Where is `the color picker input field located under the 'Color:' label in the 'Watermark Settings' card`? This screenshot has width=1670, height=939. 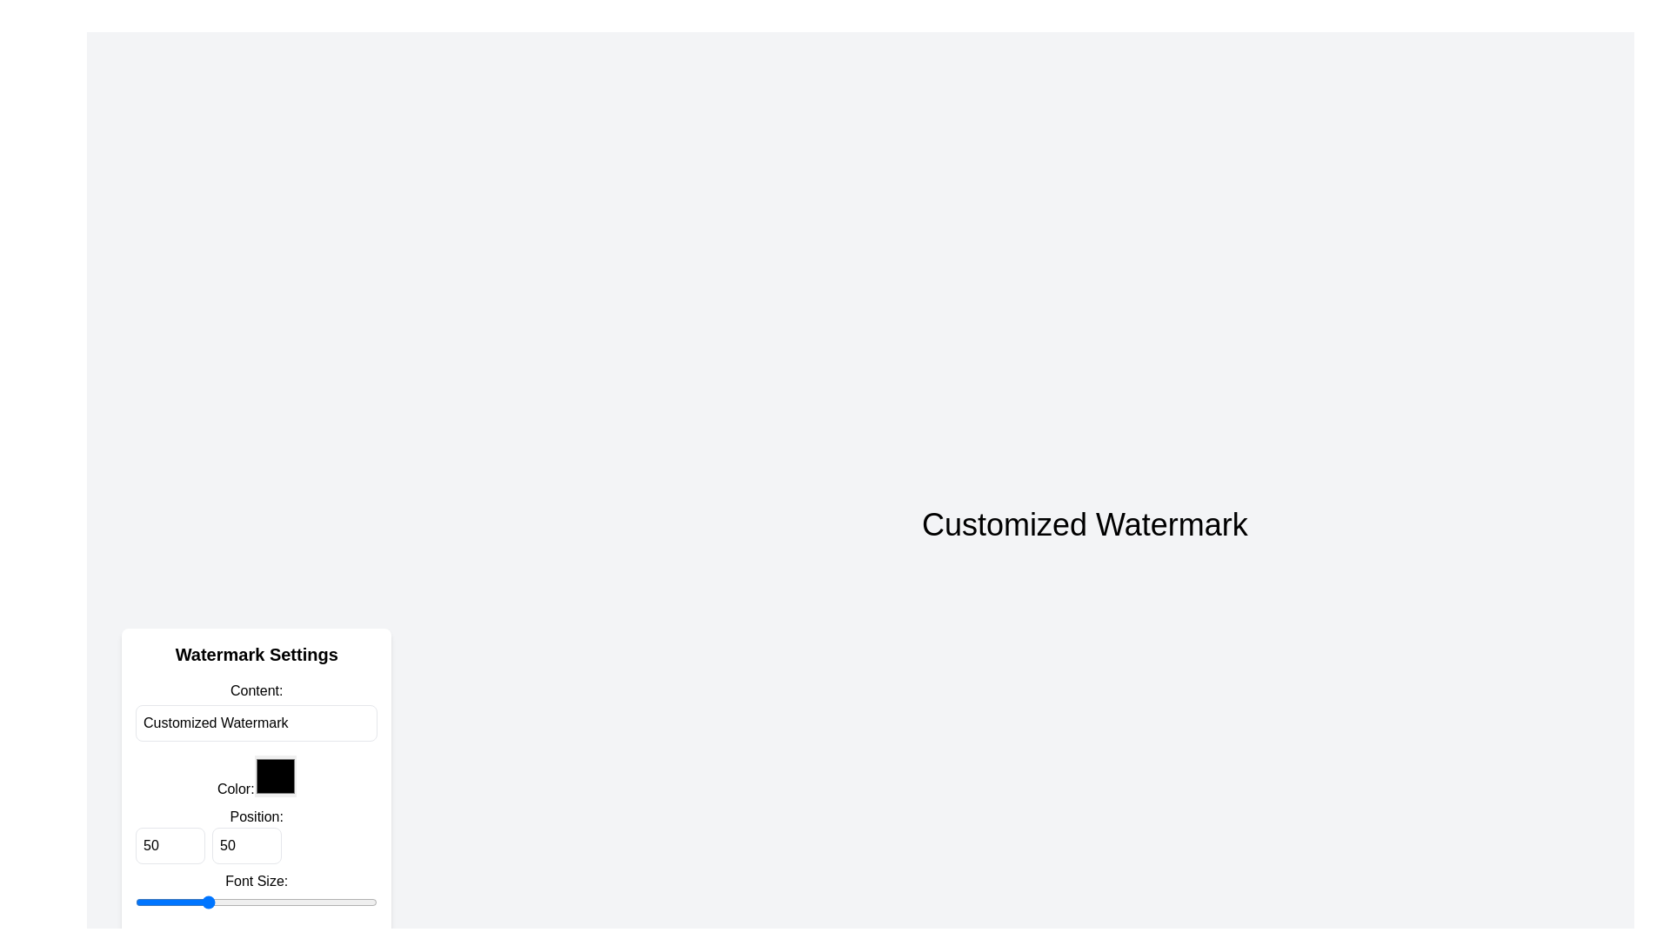
the color picker input field located under the 'Color:' label in the 'Watermark Settings' card is located at coordinates (256, 781).